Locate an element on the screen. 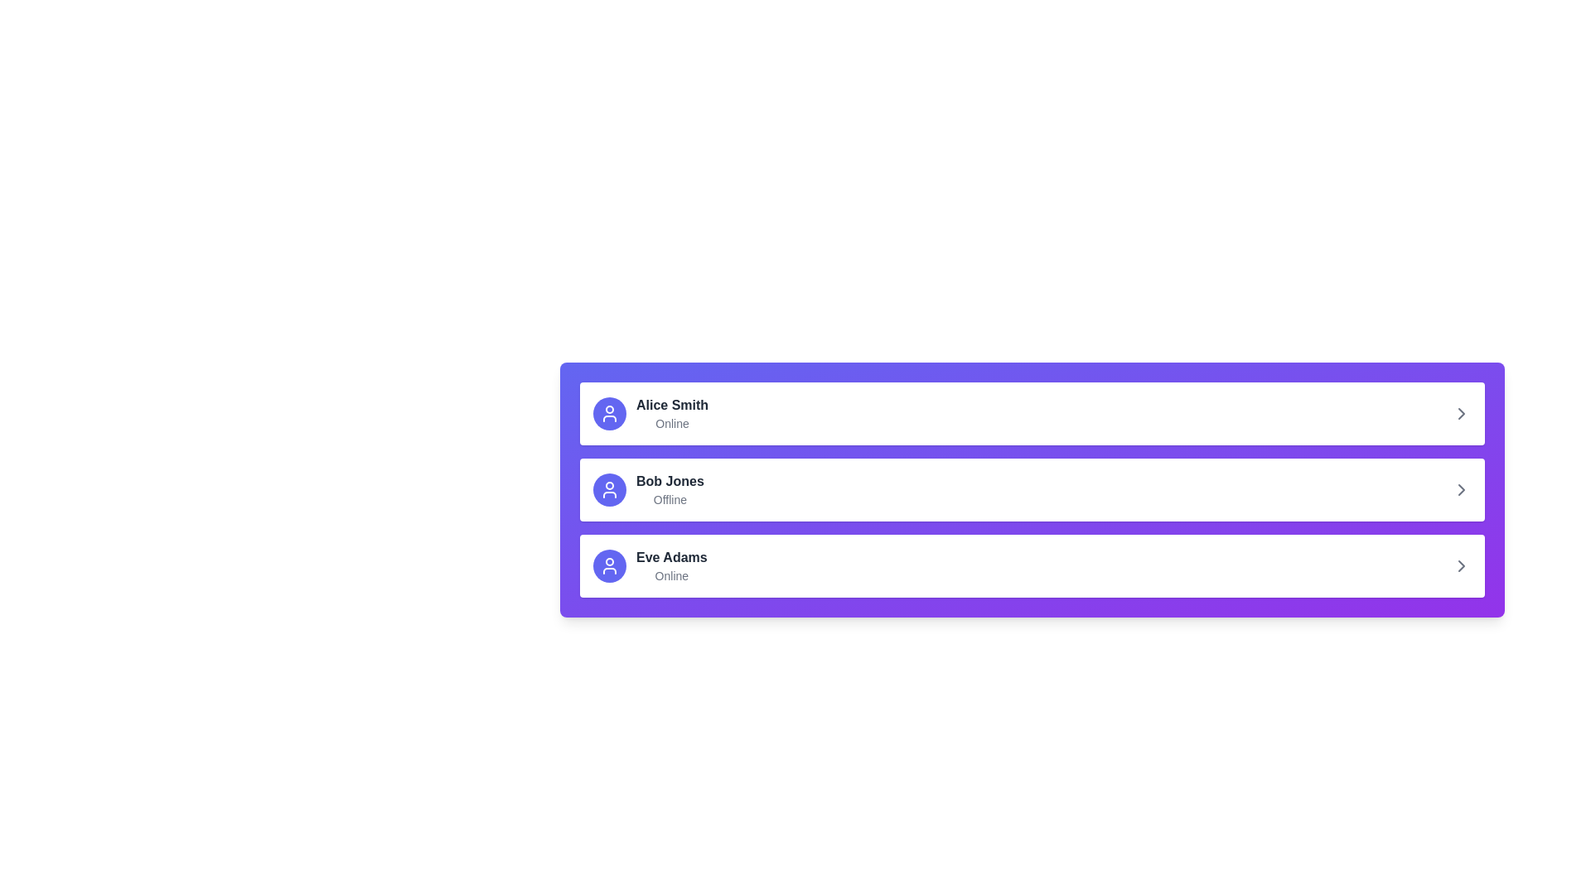 The height and width of the screenshot is (894, 1591). the selectable List Item representing the user Eve Adams, which is the third item in a vertical list and displays the status 'Online' is located at coordinates (1032, 565).